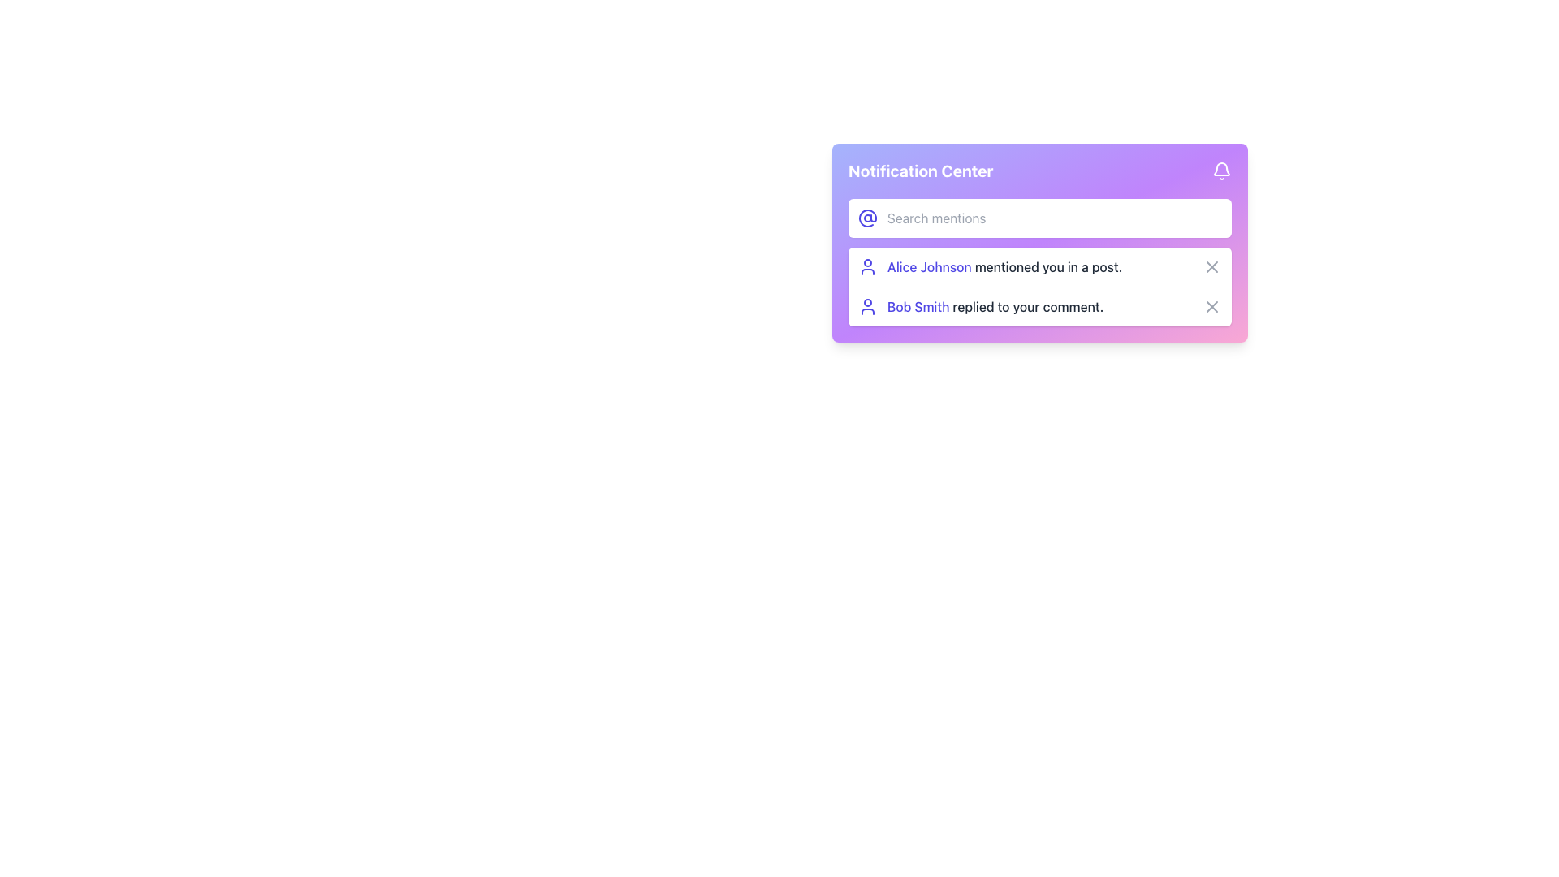 The image size is (1559, 877). Describe the element at coordinates (918, 307) in the screenshot. I see `text element displaying 'Bob Smith' in indigo color, which is the first part of the notification 'Bob Smith replied to your comment.' located in the second row of the Notification Center` at that location.